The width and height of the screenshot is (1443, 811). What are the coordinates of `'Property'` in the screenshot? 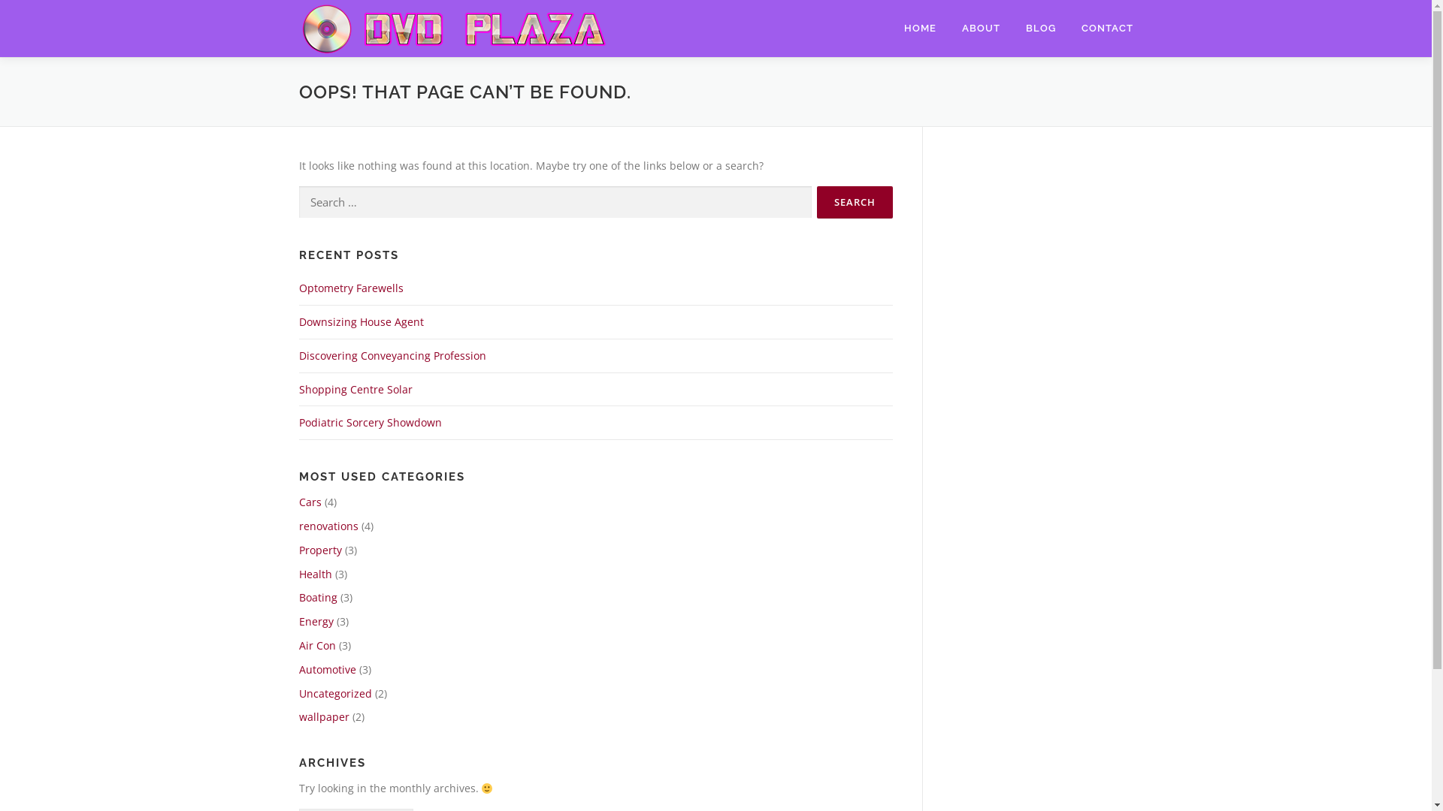 It's located at (319, 550).